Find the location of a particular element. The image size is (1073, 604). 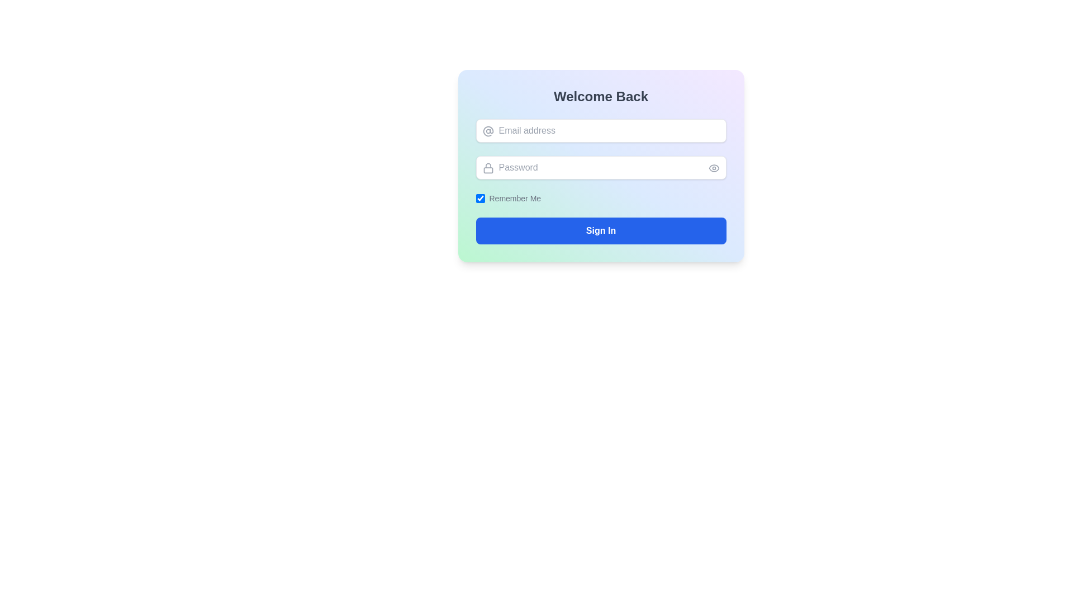

the 'Remember Me' label element, which is styled with a smaller font size and light gray color, positioned next to a checkbox below the password input field is located at coordinates (514, 197).